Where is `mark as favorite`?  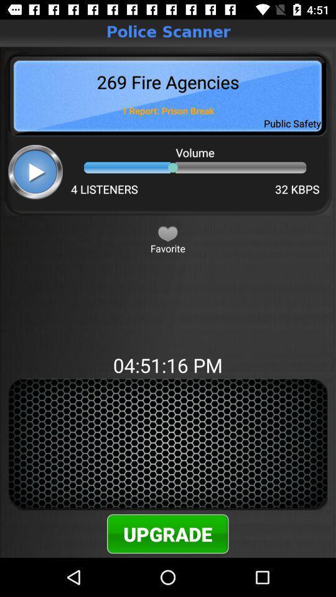 mark as favorite is located at coordinates (167, 233).